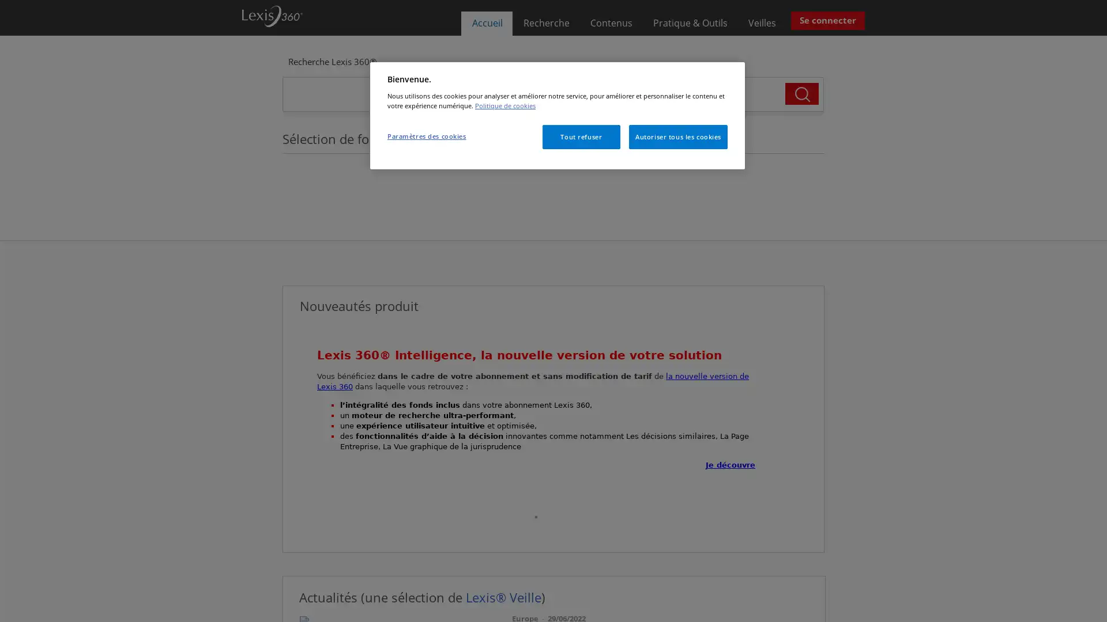  Describe the element at coordinates (678, 135) in the screenshot. I see `Autoriser tous les cookies` at that location.